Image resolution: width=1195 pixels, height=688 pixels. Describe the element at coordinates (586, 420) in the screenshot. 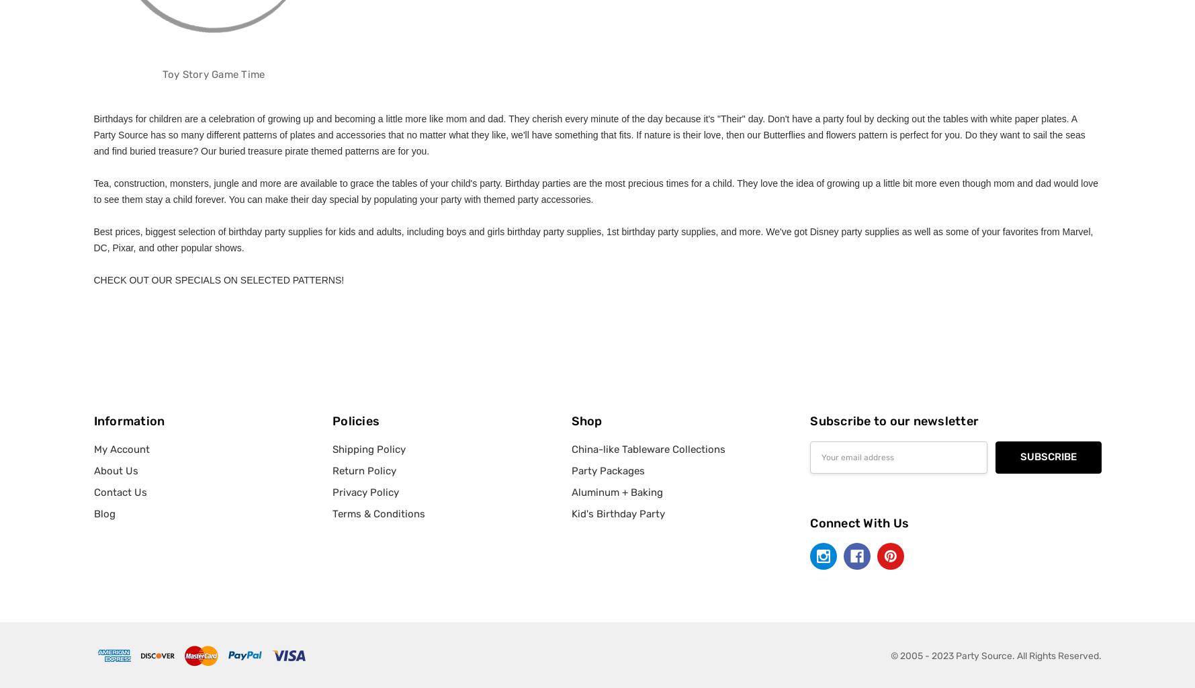

I see `'Shop'` at that location.